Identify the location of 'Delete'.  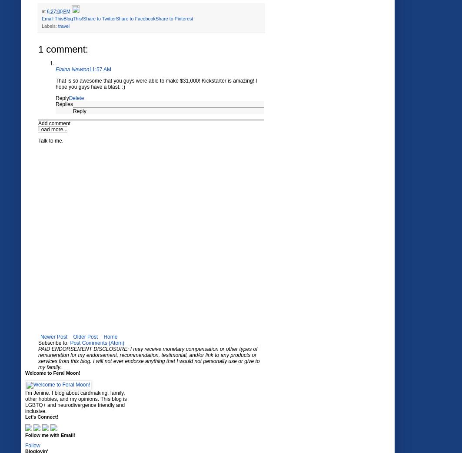
(76, 97).